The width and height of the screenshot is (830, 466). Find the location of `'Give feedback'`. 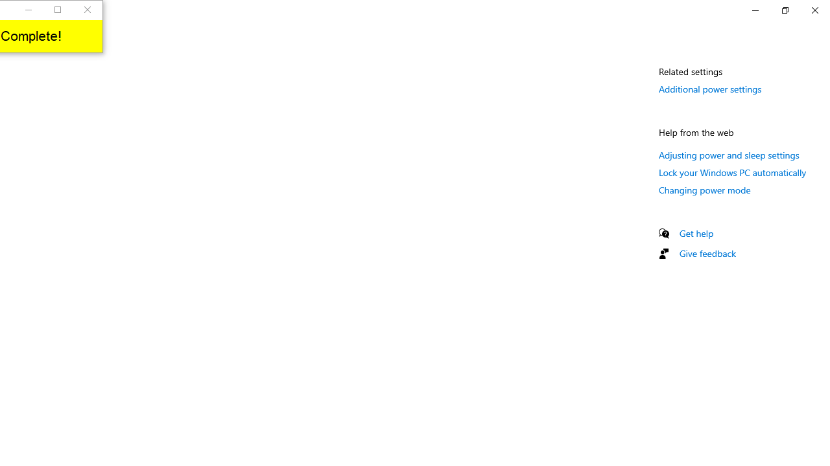

'Give feedback' is located at coordinates (707, 253).